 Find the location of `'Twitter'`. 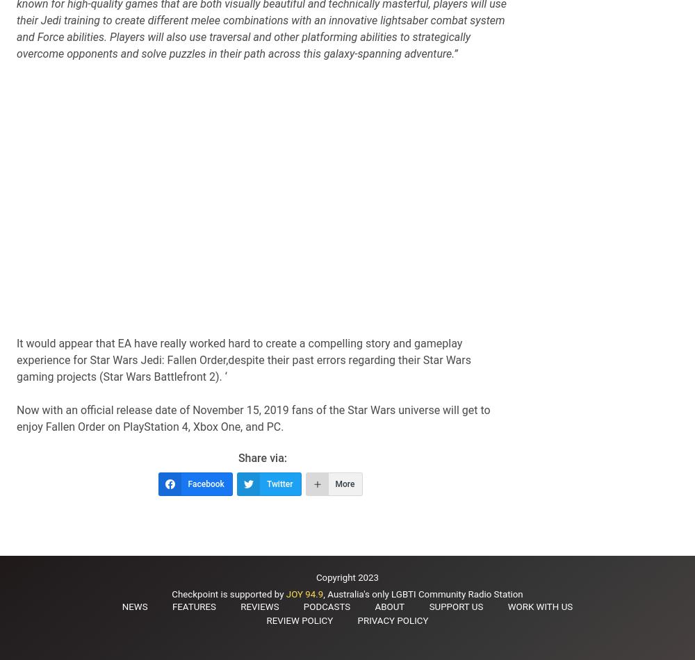

'Twitter' is located at coordinates (279, 484).